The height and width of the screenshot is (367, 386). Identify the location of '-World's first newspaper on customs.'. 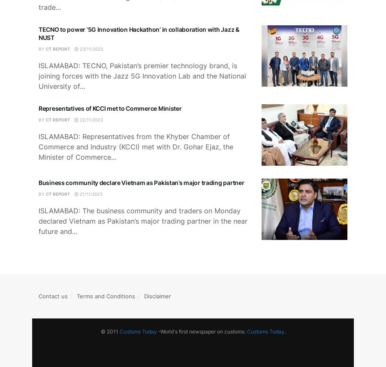
(201, 331).